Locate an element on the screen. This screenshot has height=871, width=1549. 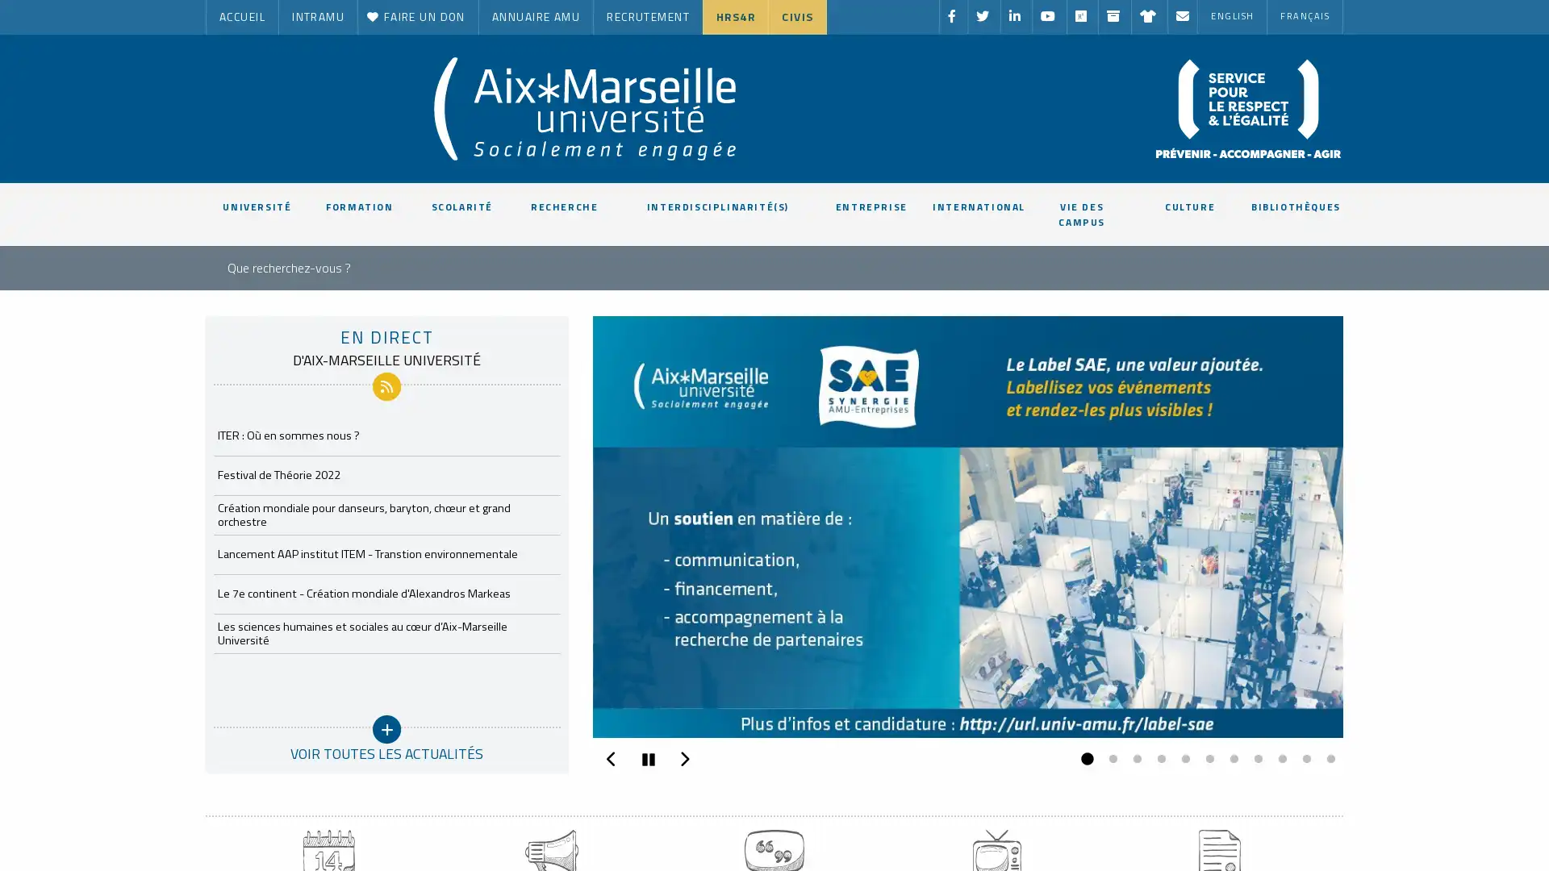
Go to slide 6 is located at coordinates (1205, 759).